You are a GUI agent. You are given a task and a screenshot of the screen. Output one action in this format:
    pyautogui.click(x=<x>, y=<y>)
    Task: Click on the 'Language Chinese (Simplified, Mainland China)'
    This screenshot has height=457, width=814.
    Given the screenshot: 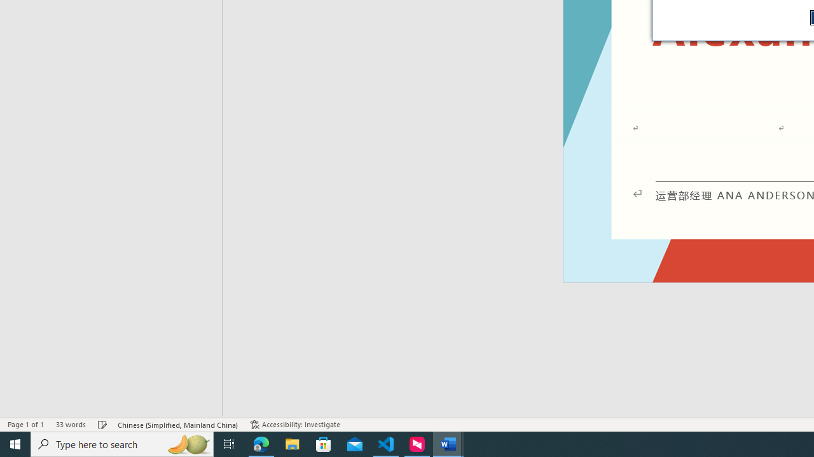 What is the action you would take?
    pyautogui.click(x=177, y=425)
    